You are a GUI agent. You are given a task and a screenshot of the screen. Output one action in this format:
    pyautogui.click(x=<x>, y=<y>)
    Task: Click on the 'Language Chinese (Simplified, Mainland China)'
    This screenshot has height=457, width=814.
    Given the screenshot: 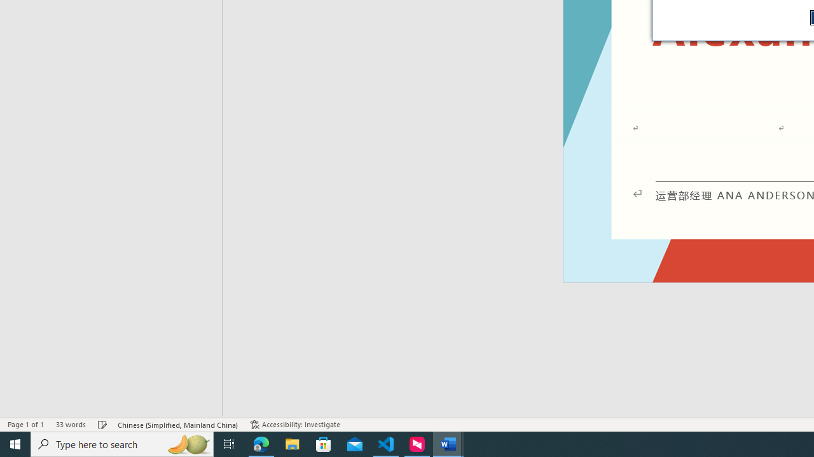 What is the action you would take?
    pyautogui.click(x=177, y=425)
    